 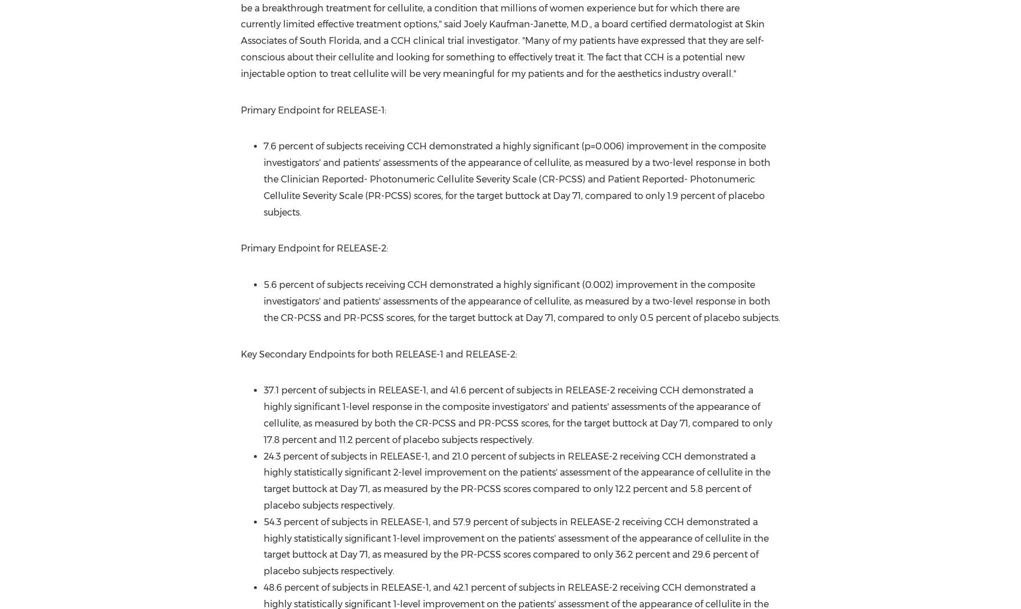 I want to click on 'Primary Endpoint for RELEASE-2:', so click(x=314, y=248).